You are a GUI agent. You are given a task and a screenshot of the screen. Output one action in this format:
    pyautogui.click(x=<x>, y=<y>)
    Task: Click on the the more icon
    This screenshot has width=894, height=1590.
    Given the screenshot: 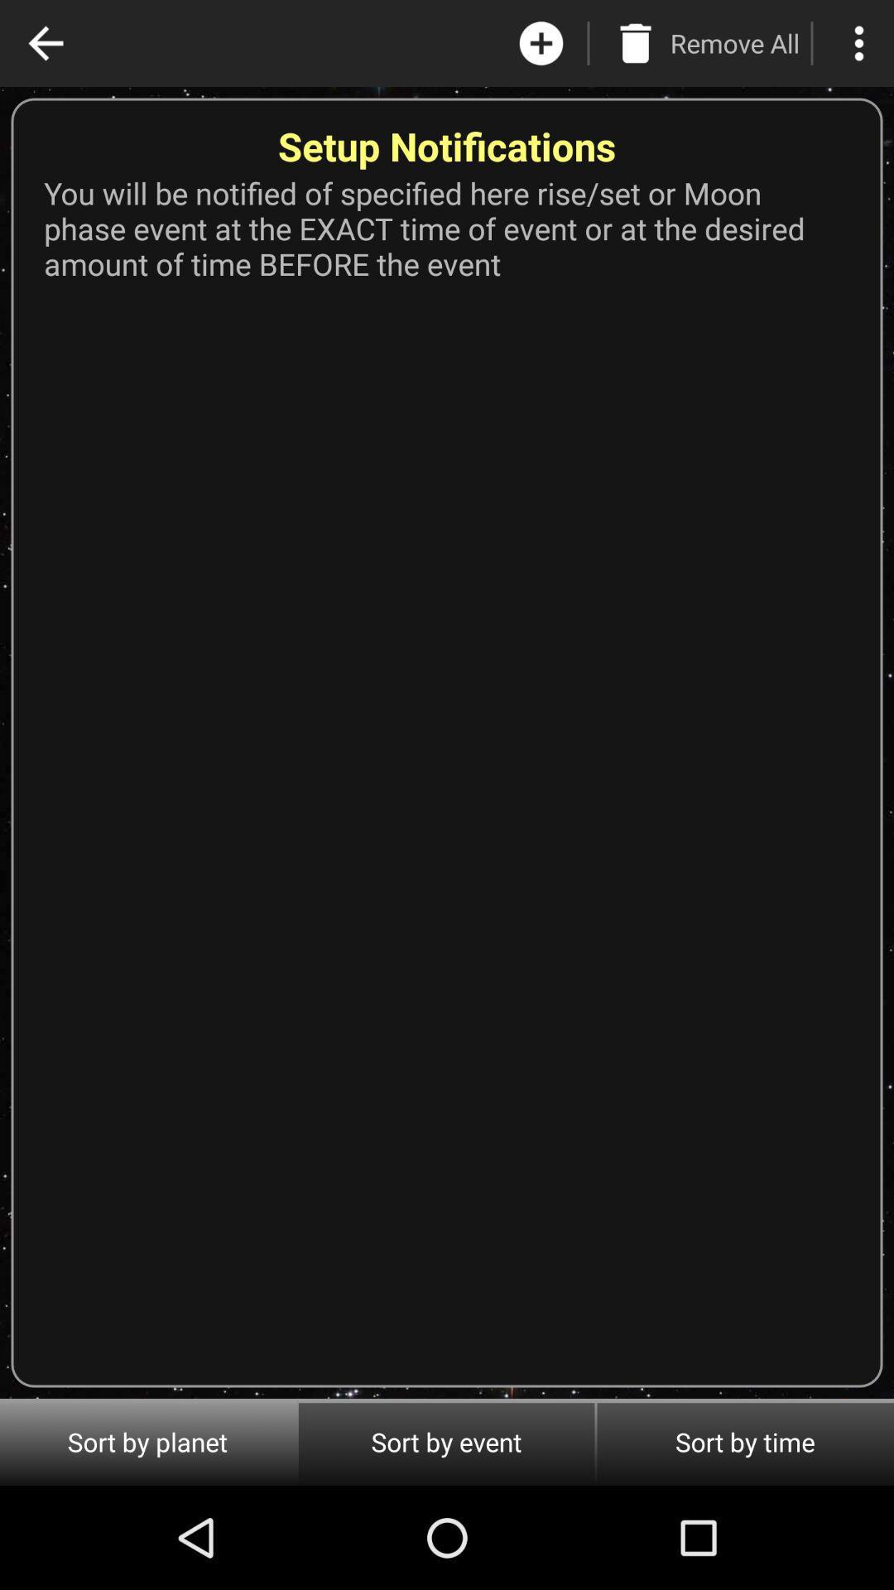 What is the action you would take?
    pyautogui.click(x=858, y=43)
    